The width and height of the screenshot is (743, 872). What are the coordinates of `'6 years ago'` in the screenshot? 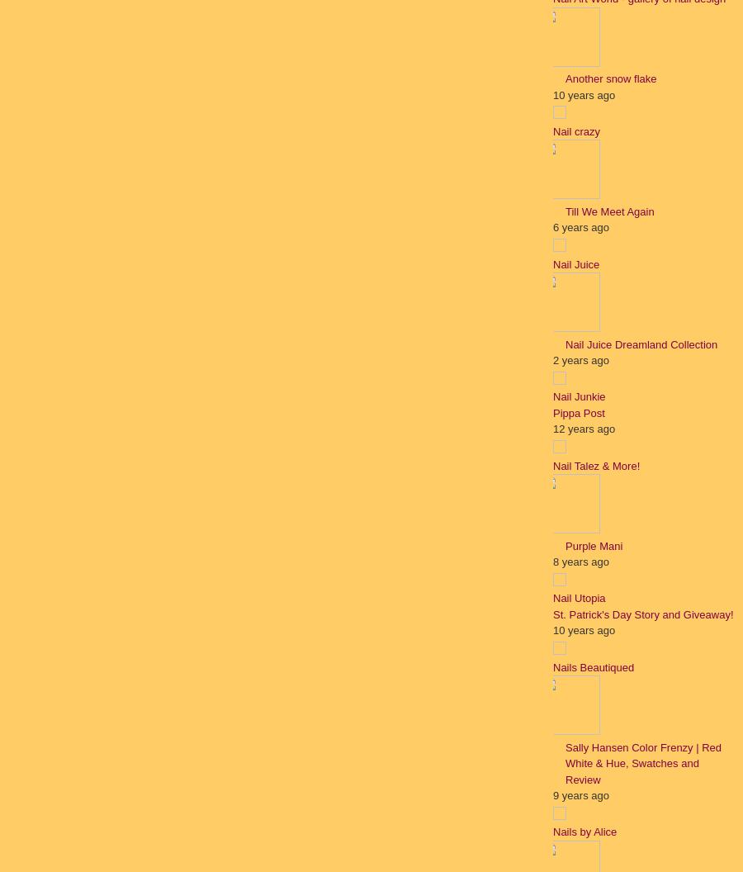 It's located at (580, 227).